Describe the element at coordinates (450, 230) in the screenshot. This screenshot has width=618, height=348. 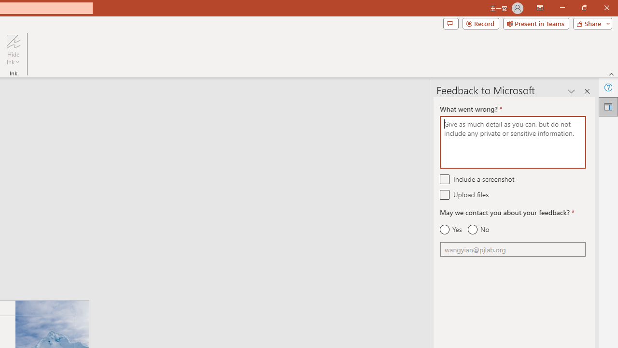
I see `'Yes'` at that location.